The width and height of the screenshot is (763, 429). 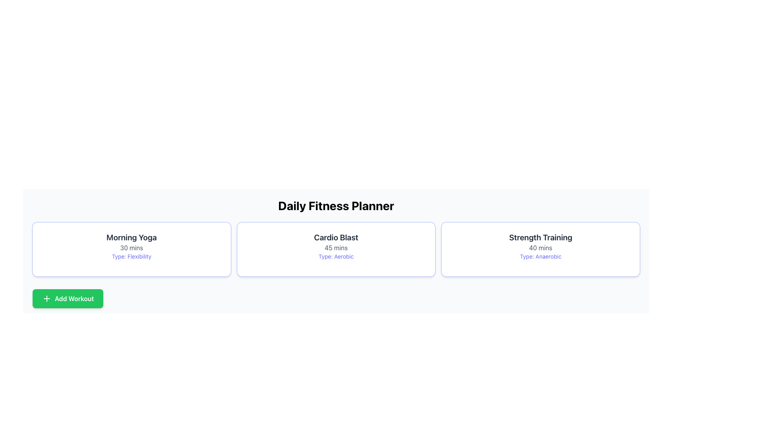 I want to click on static text label that describes the workout type as 'Aerobic' located within the 'Cardio Blast' workout information card, so click(x=336, y=256).